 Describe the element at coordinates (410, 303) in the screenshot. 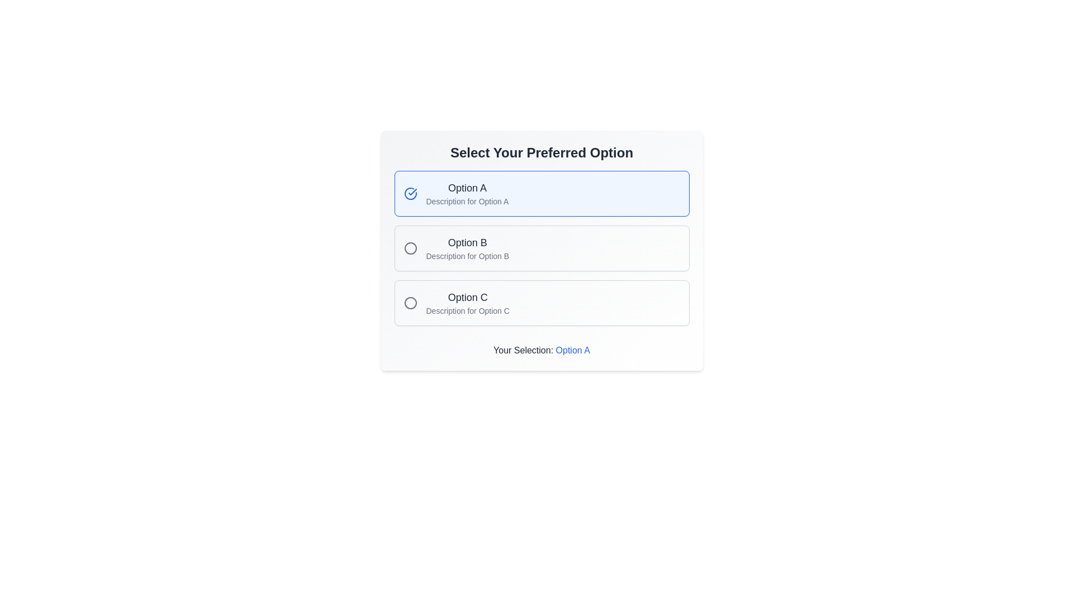

I see `the selectable icon (radio button) representing 'Option C'` at that location.